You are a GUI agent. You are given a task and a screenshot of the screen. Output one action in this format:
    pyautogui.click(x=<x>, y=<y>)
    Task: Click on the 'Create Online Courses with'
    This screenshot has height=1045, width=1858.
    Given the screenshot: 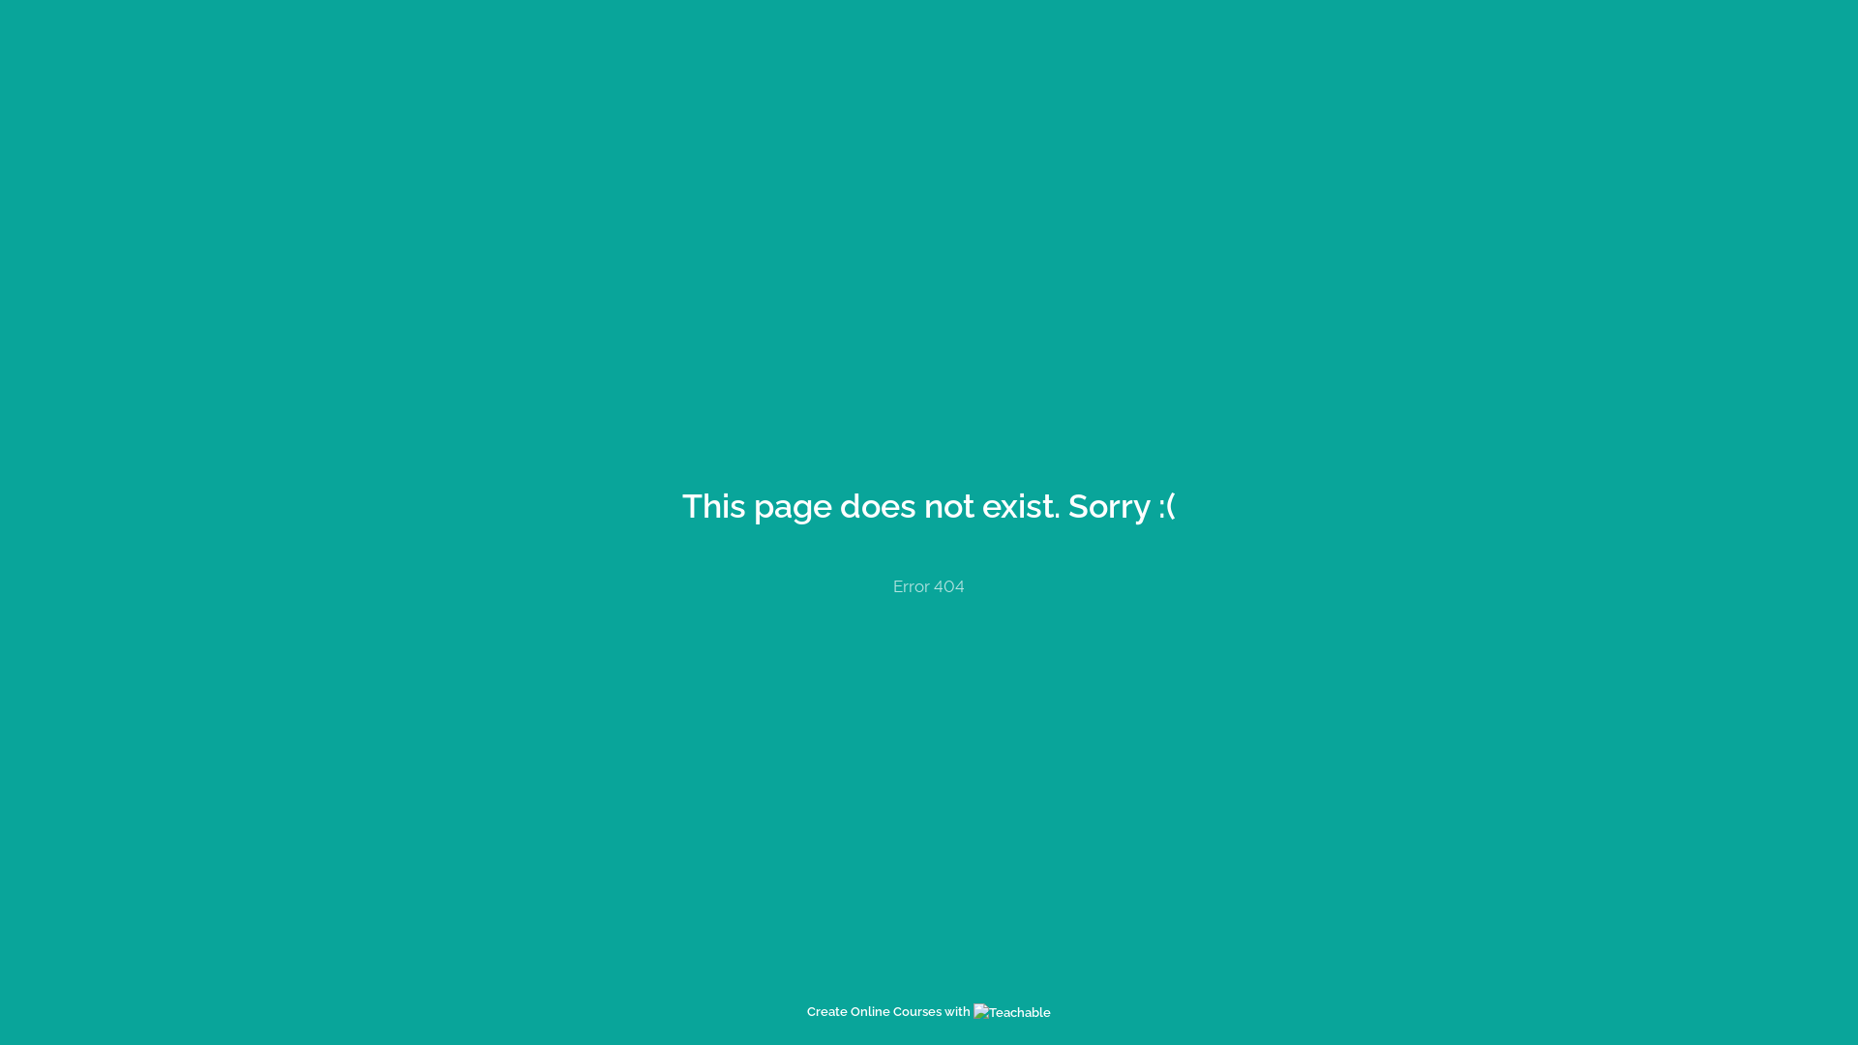 What is the action you would take?
    pyautogui.click(x=929, y=1010)
    